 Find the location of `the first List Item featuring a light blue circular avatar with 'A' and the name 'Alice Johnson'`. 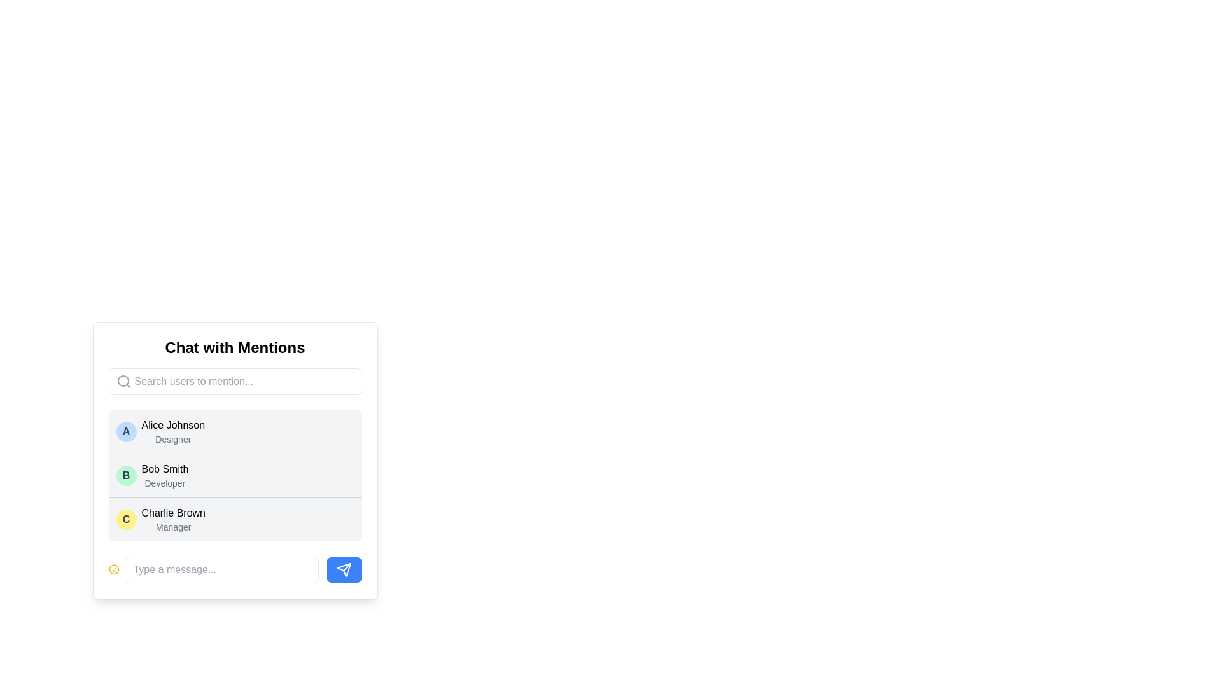

the first List Item featuring a light blue circular avatar with 'A' and the name 'Alice Johnson' is located at coordinates (235, 431).